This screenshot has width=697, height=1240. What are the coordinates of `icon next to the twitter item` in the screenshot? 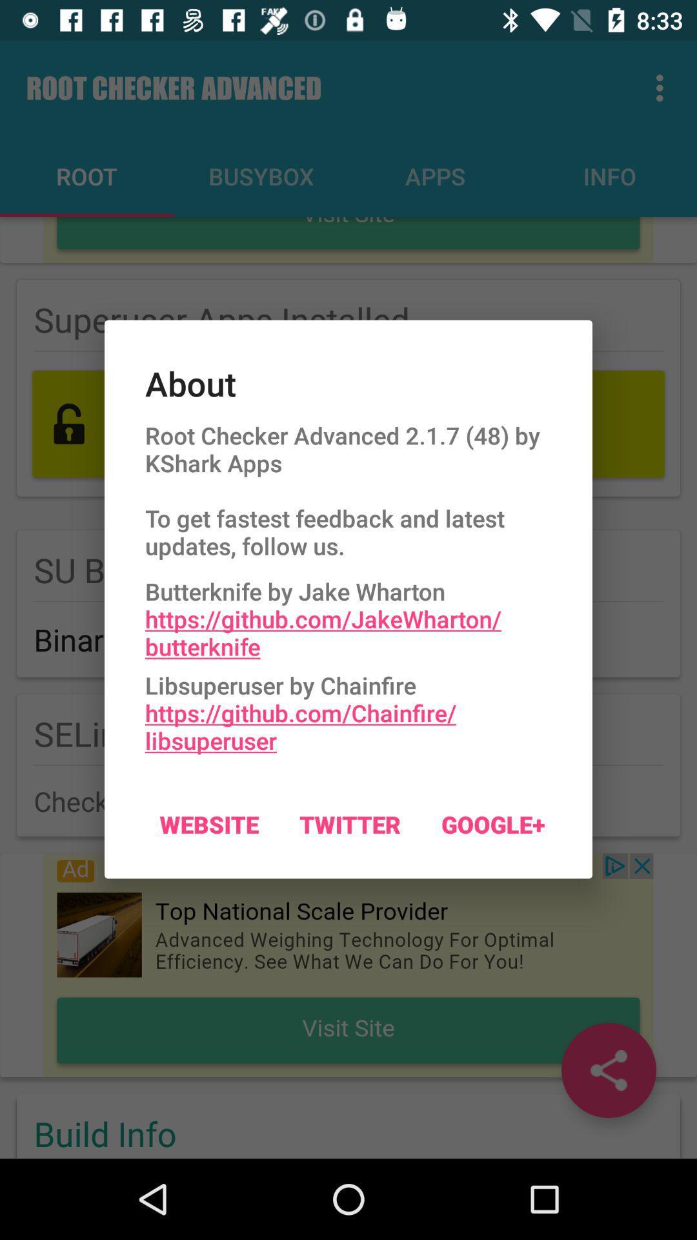 It's located at (208, 823).